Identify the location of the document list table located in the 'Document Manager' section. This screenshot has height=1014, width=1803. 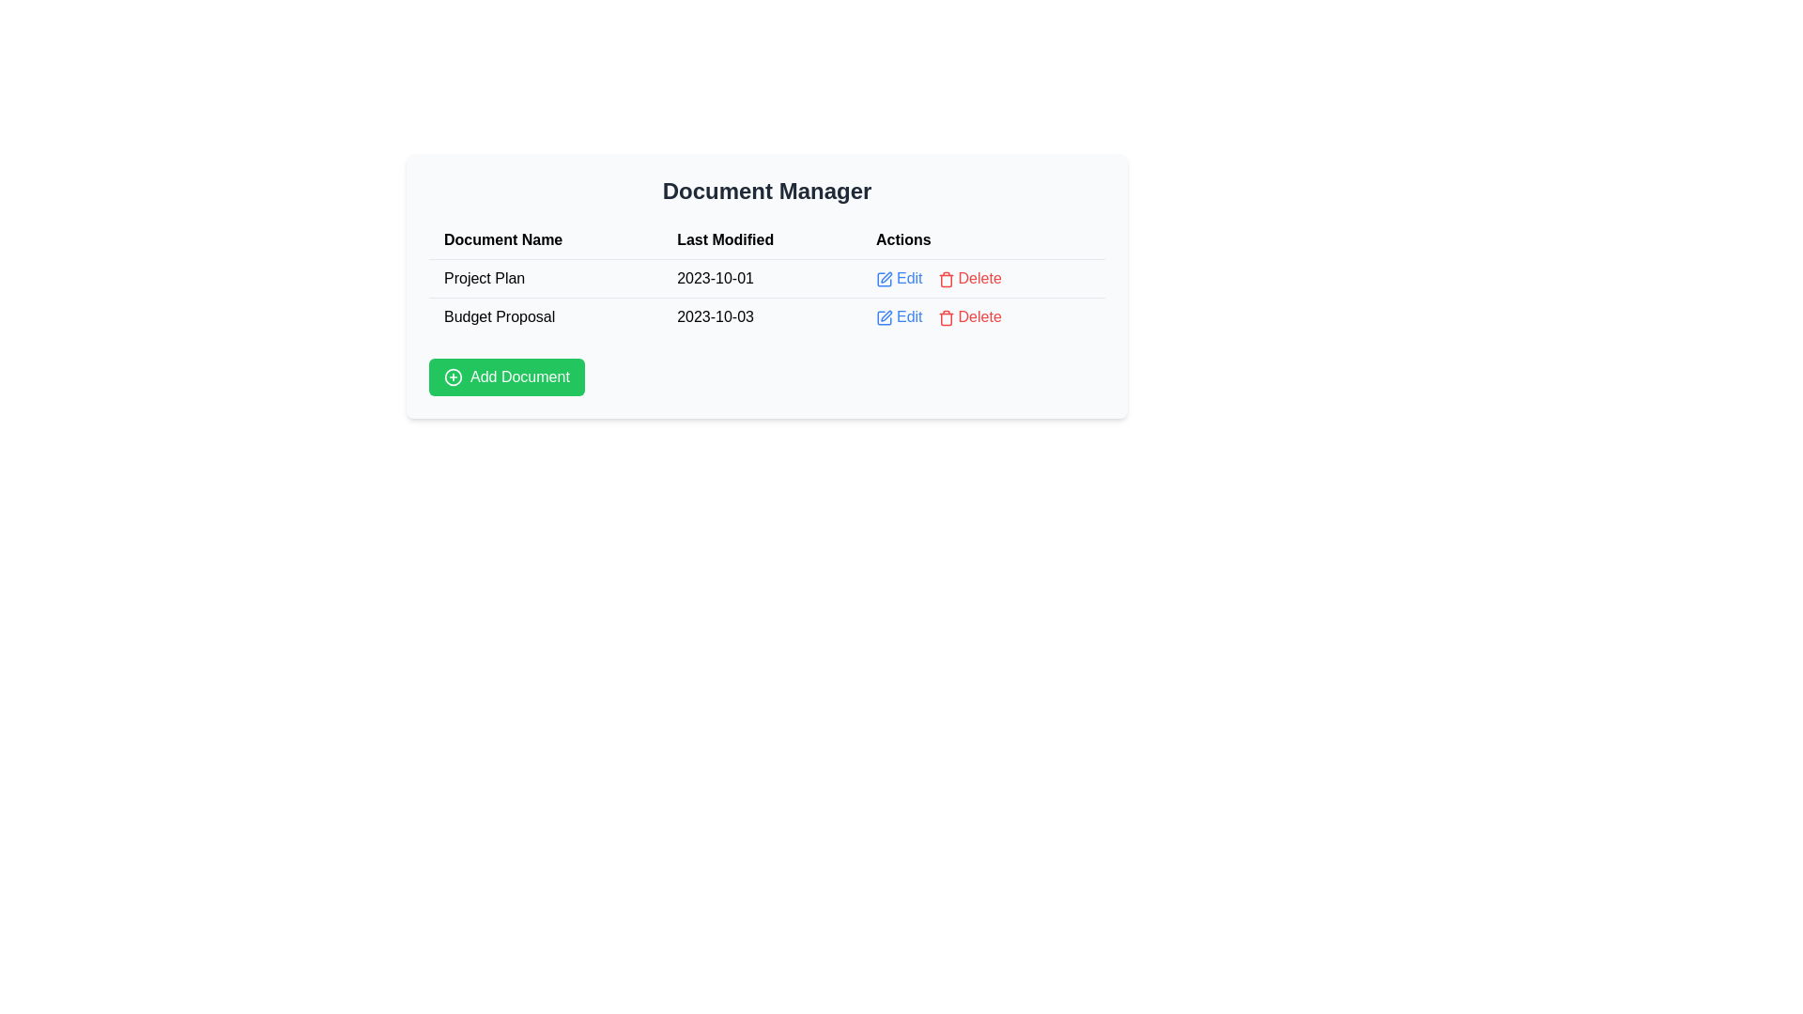
(766, 279).